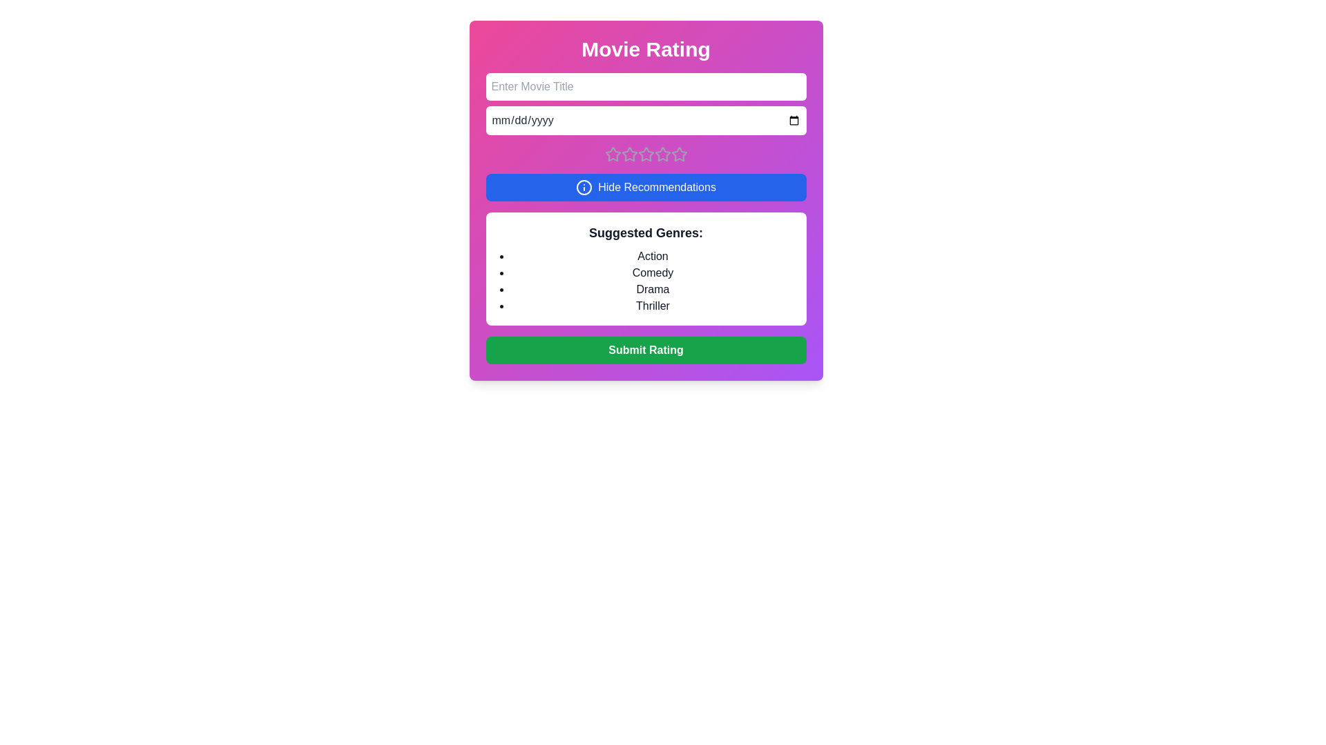  What do you see at coordinates (645, 350) in the screenshot?
I see `the 'Submit Rating' button to finalize the rating` at bounding box center [645, 350].